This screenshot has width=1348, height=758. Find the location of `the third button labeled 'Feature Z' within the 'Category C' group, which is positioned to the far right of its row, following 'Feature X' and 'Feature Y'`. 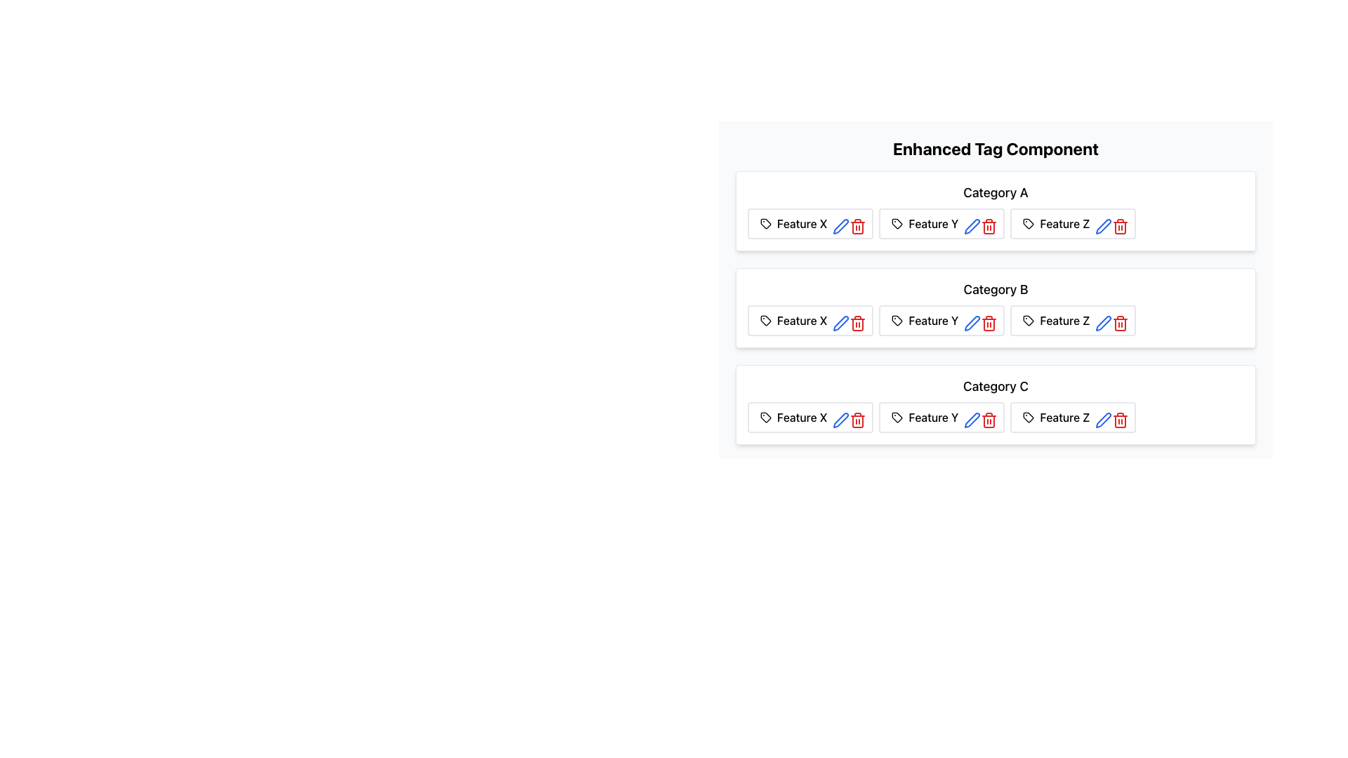

the third button labeled 'Feature Z' within the 'Category C' group, which is positioned to the far right of its row, following 'Feature X' and 'Feature Y' is located at coordinates (1072, 416).